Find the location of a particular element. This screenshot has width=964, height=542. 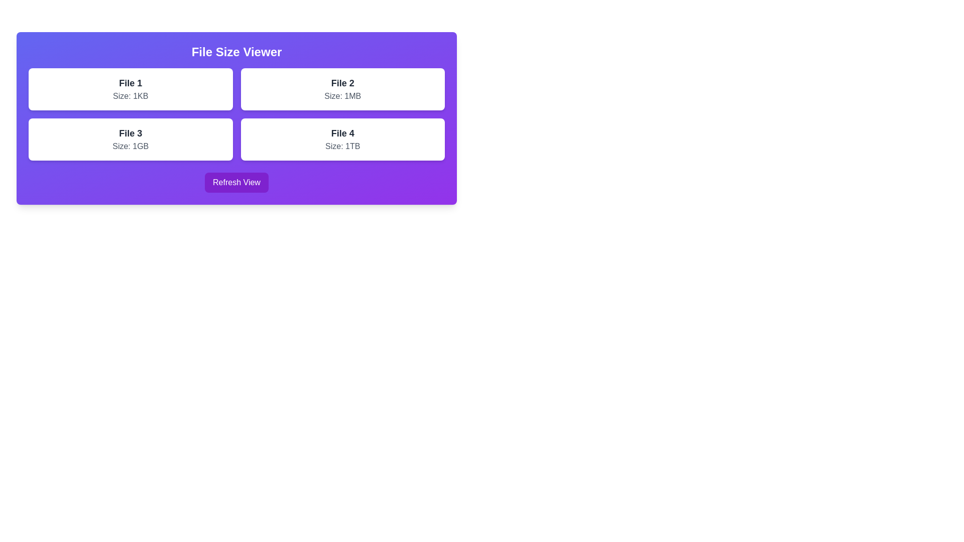

the text label displaying 'File 1' within the first card of the grid layout, which provides a clear identifier for the associated file is located at coordinates (130, 82).